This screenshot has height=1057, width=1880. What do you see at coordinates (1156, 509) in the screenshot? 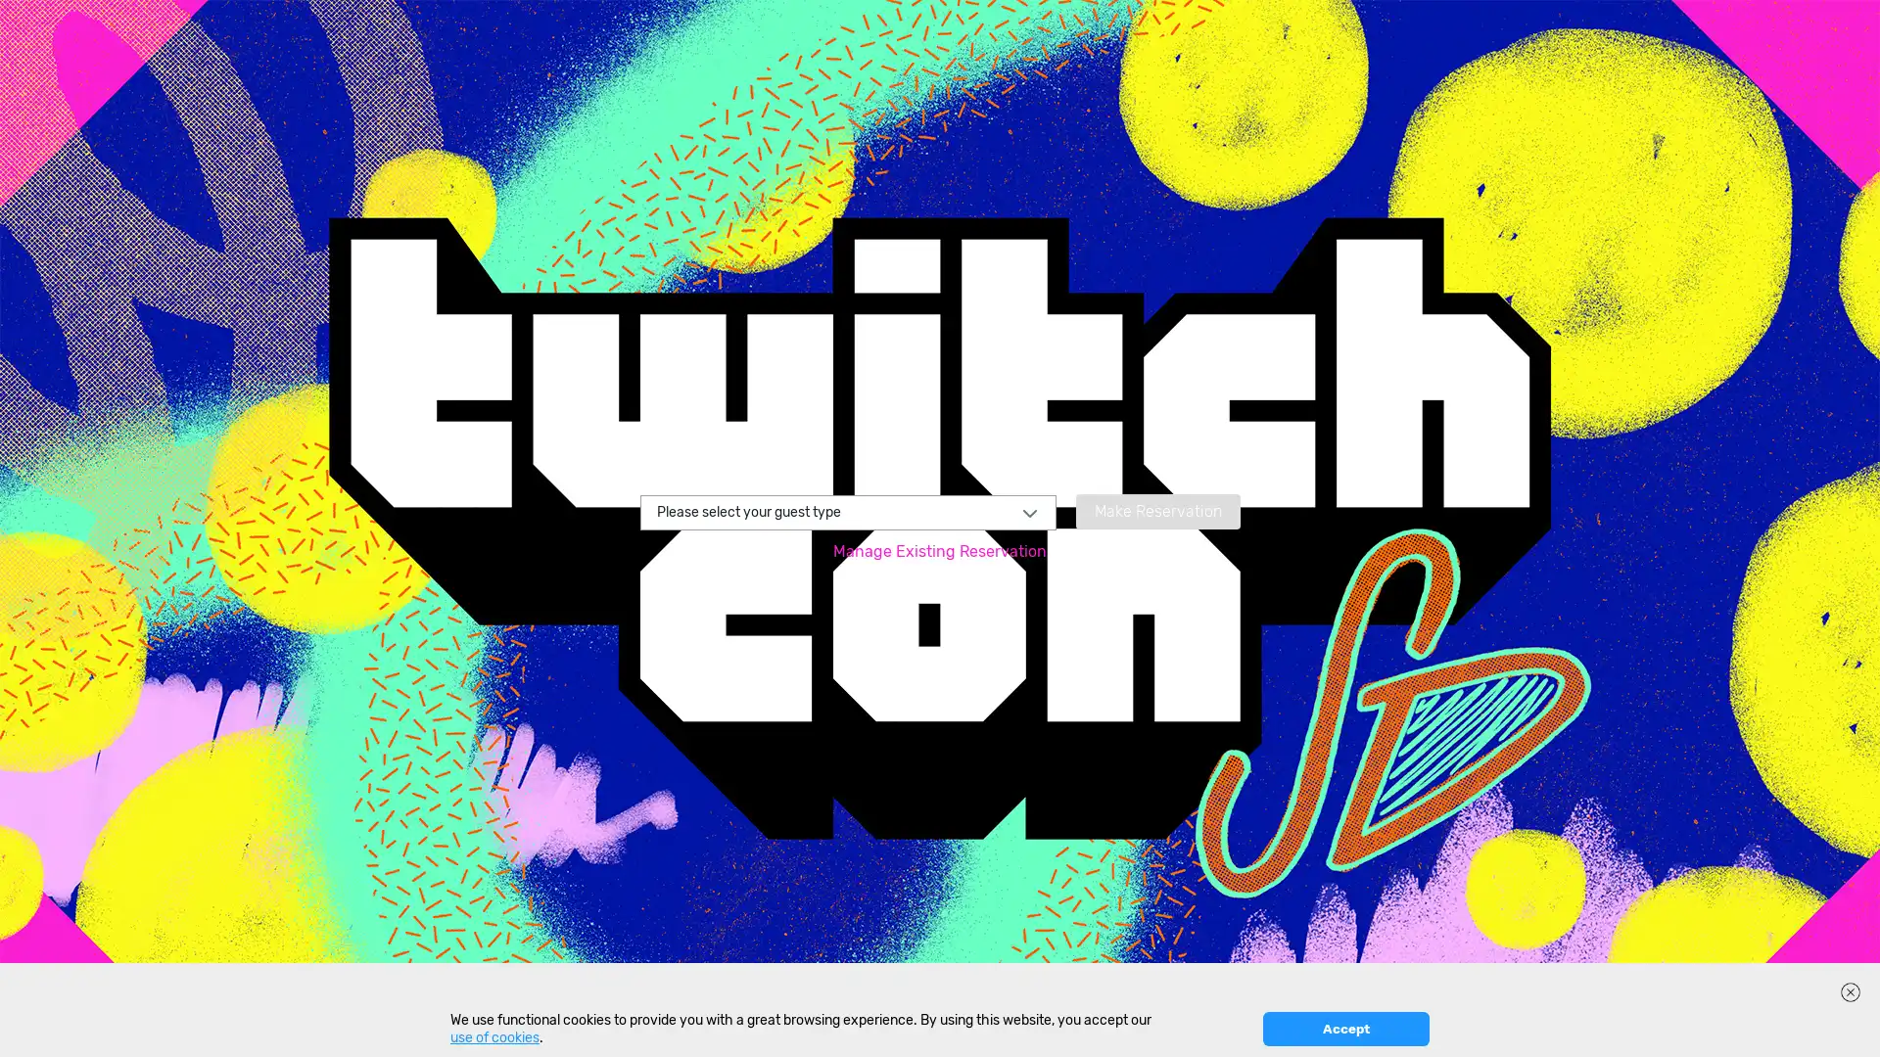
I see `Make Reservation` at bounding box center [1156, 509].